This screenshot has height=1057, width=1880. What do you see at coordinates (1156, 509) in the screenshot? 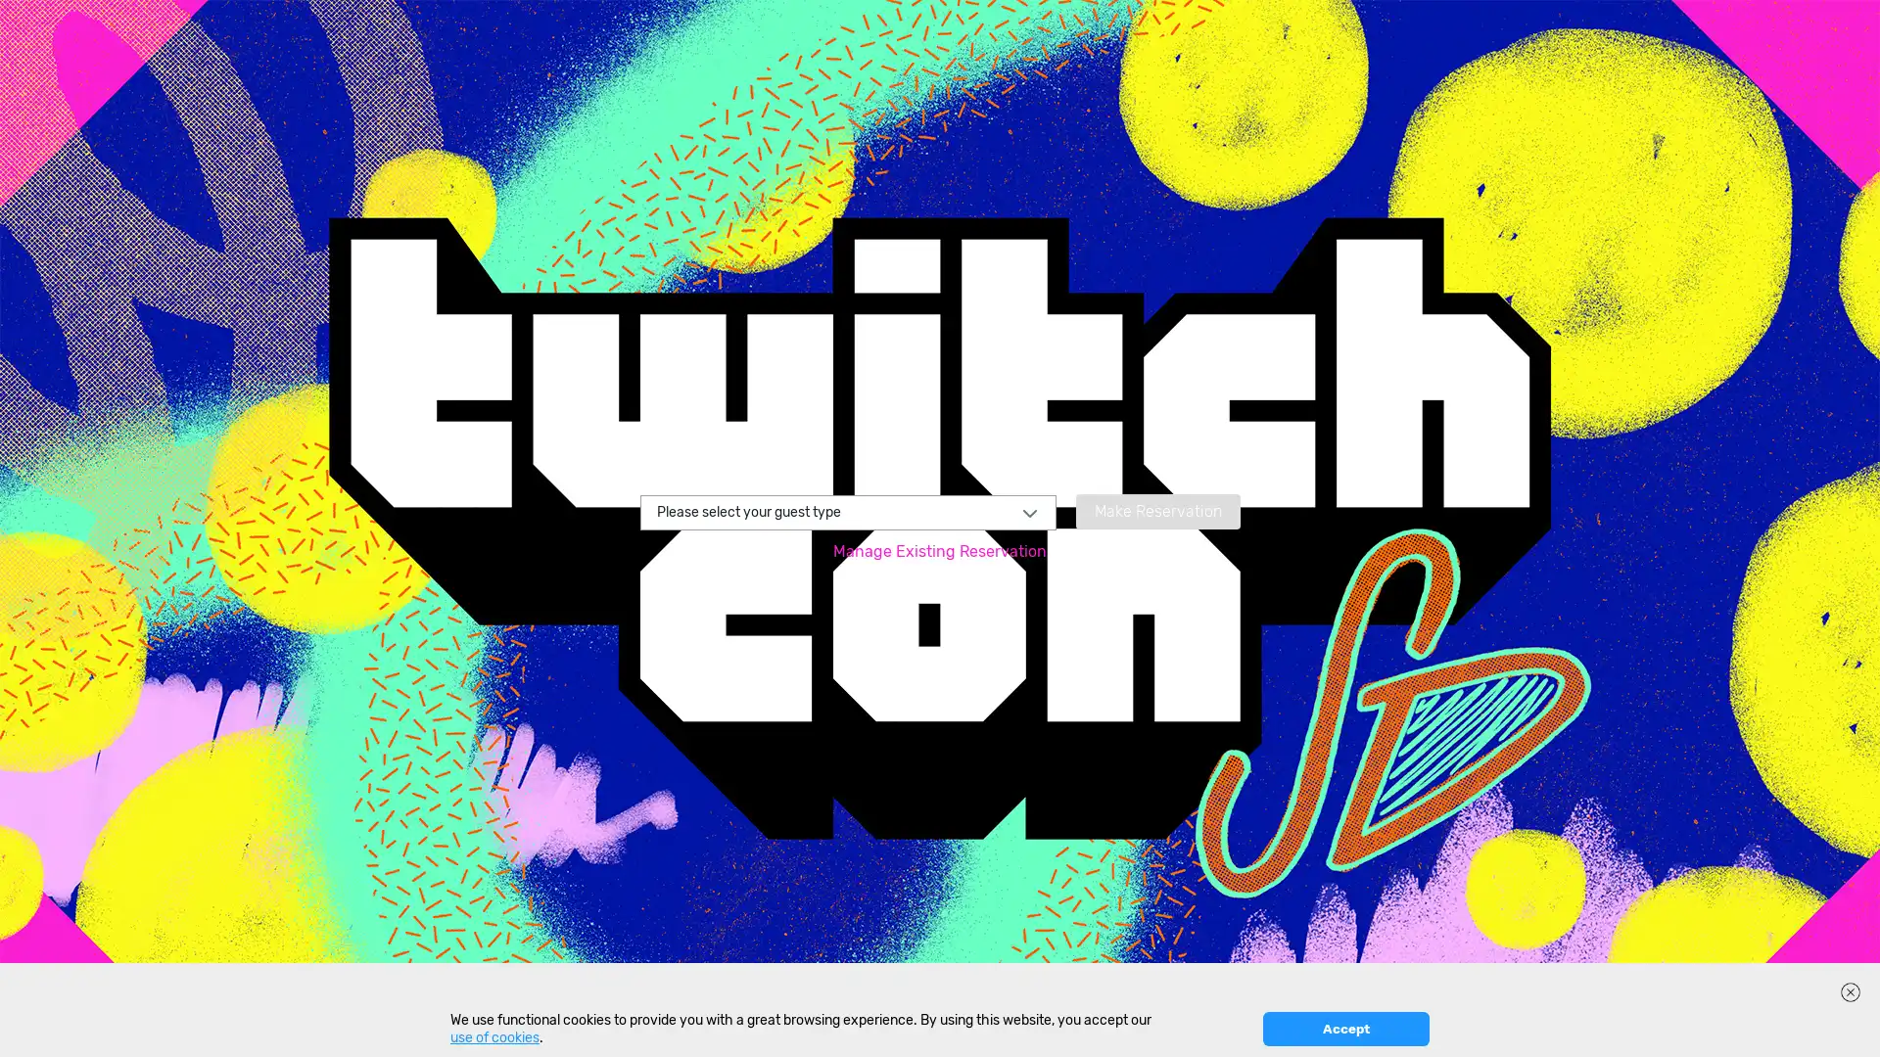
I see `Make Reservation` at bounding box center [1156, 509].